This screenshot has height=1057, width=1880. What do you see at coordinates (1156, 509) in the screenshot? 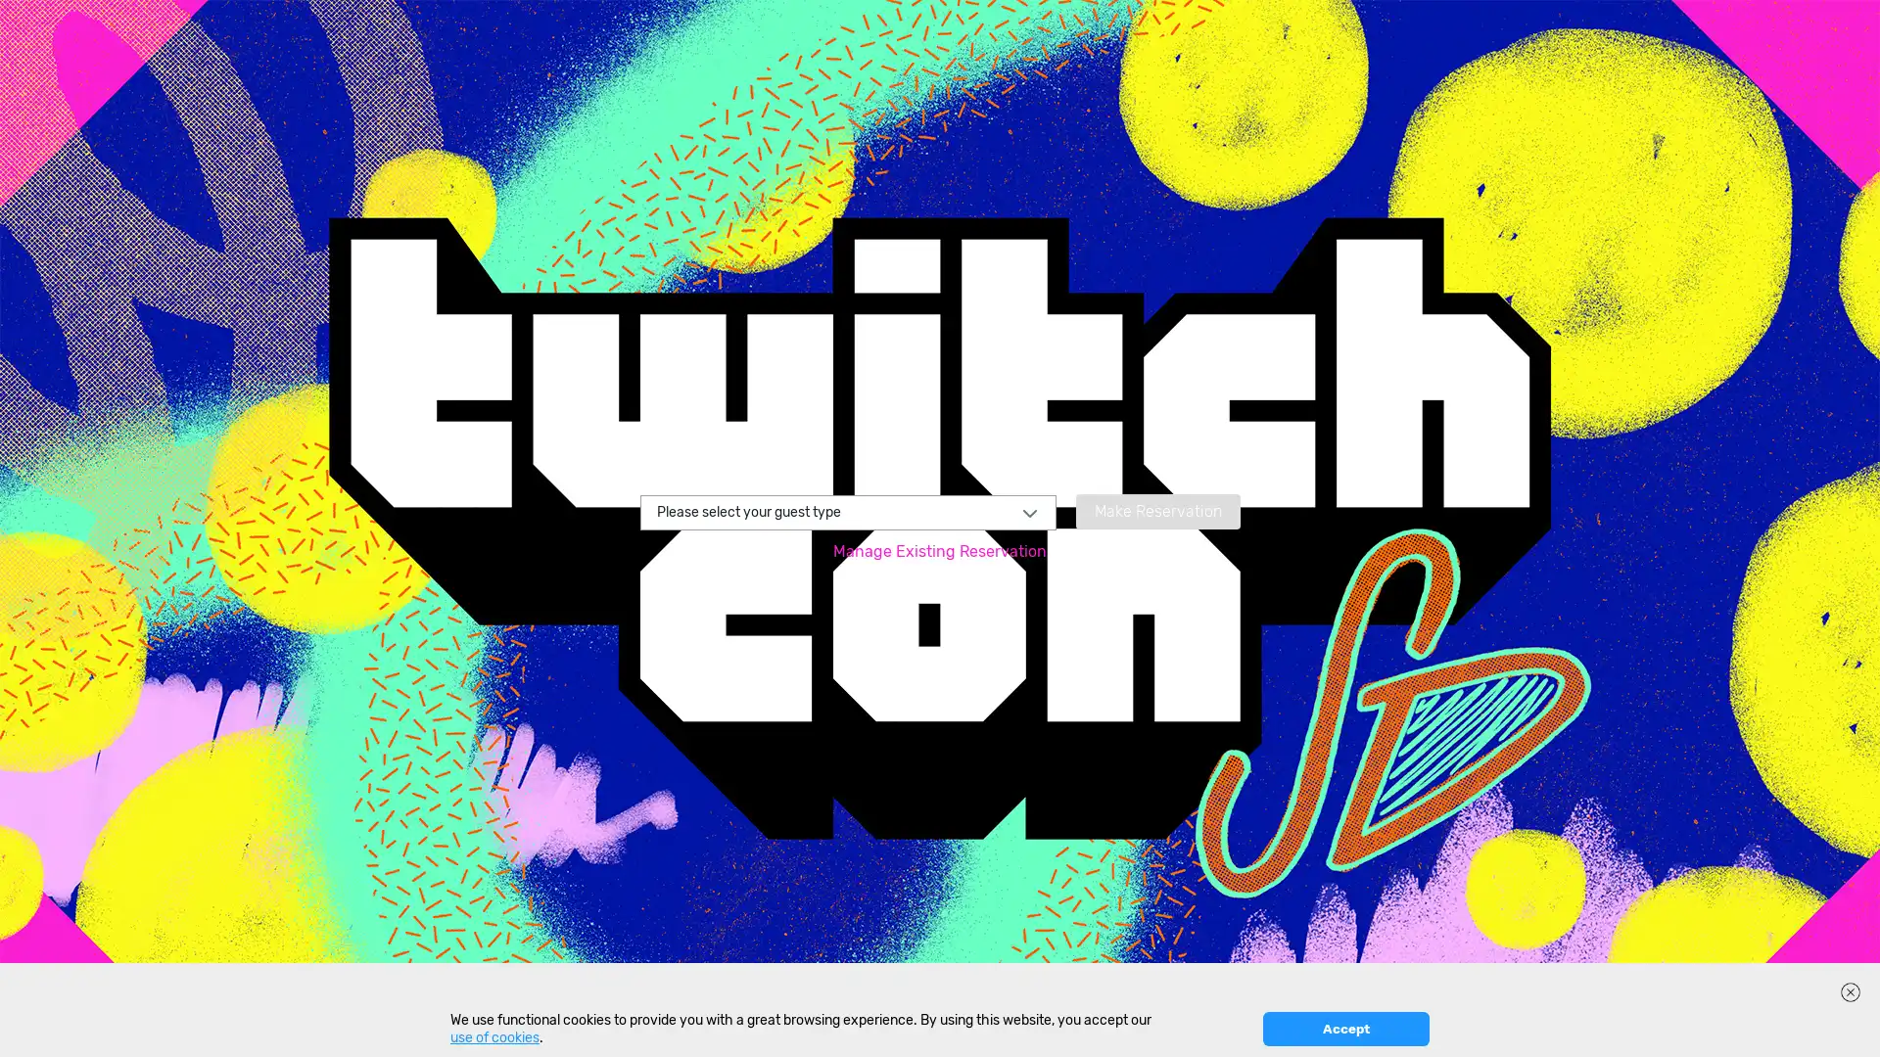
I see `Make Reservation` at bounding box center [1156, 509].